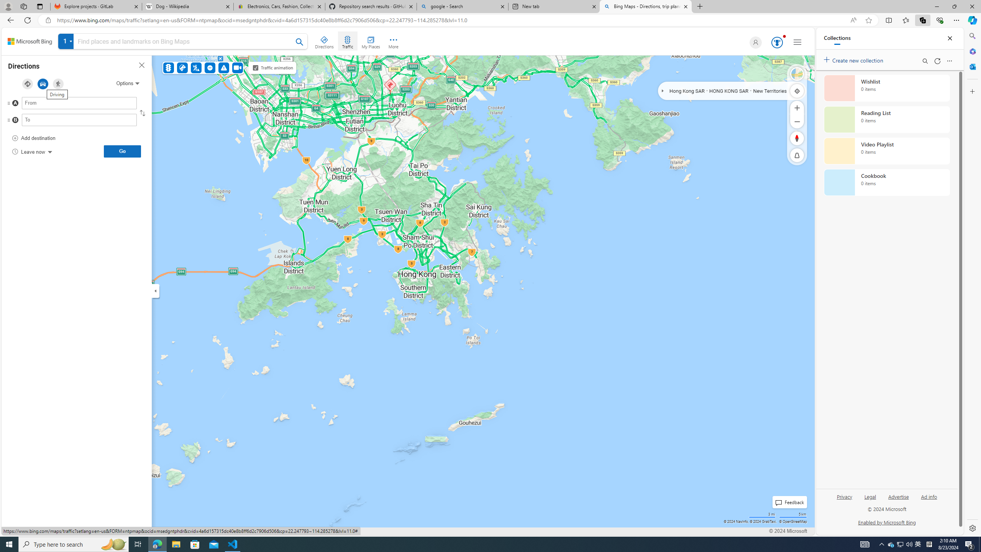  I want to click on 'google - Search', so click(461, 6).